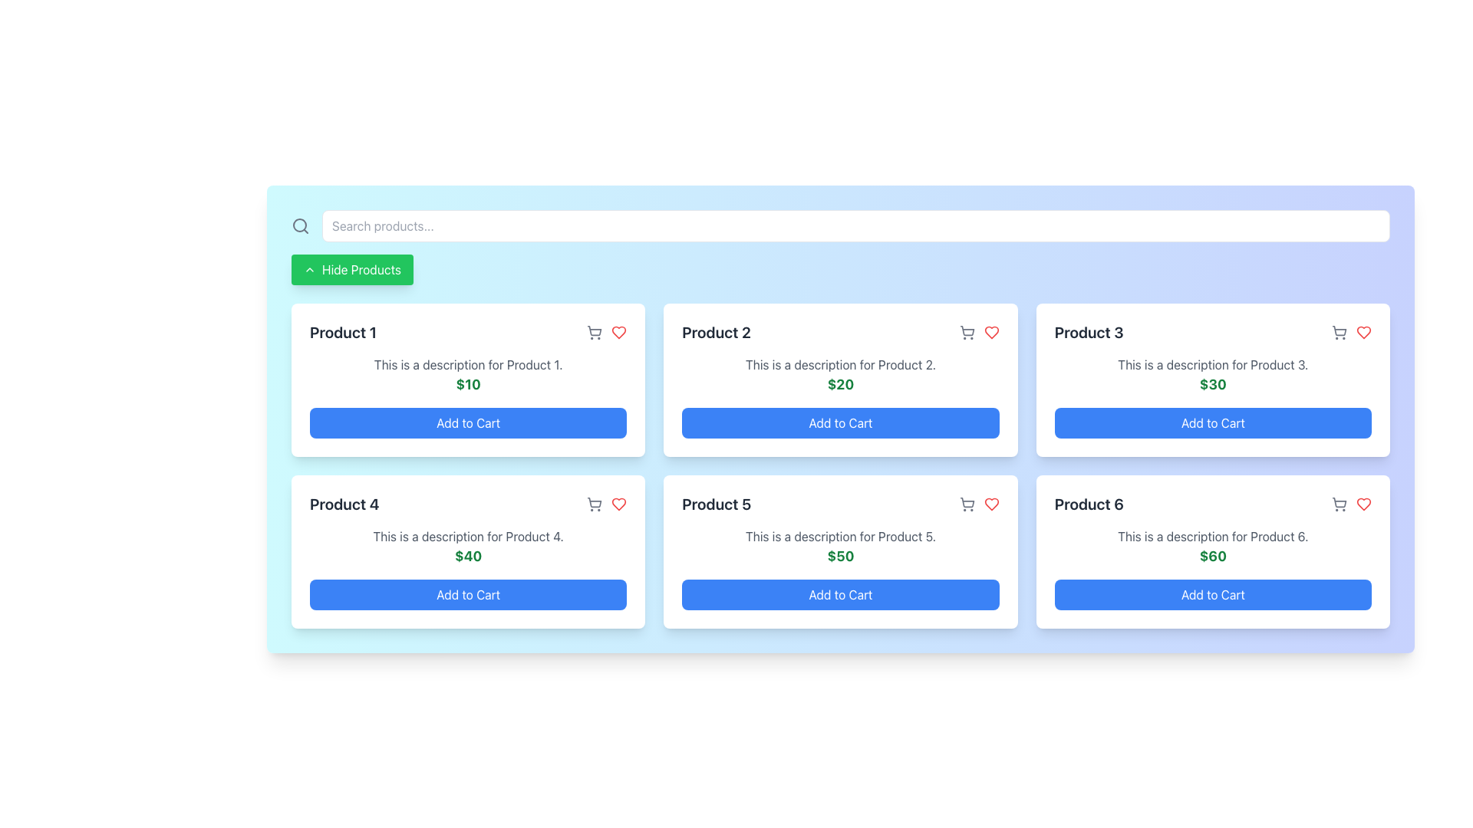  What do you see at coordinates (1212, 593) in the screenshot?
I see `the 'Add Product 6 to Cart' button located at the bottom of the 'Product 6' card` at bounding box center [1212, 593].